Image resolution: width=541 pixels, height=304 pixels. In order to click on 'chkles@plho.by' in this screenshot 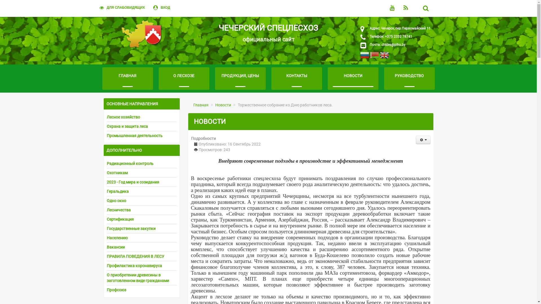, I will do `click(393, 44)`.